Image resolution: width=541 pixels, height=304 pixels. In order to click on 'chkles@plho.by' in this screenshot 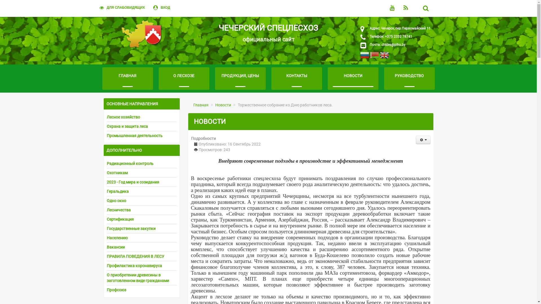, I will do `click(393, 44)`.